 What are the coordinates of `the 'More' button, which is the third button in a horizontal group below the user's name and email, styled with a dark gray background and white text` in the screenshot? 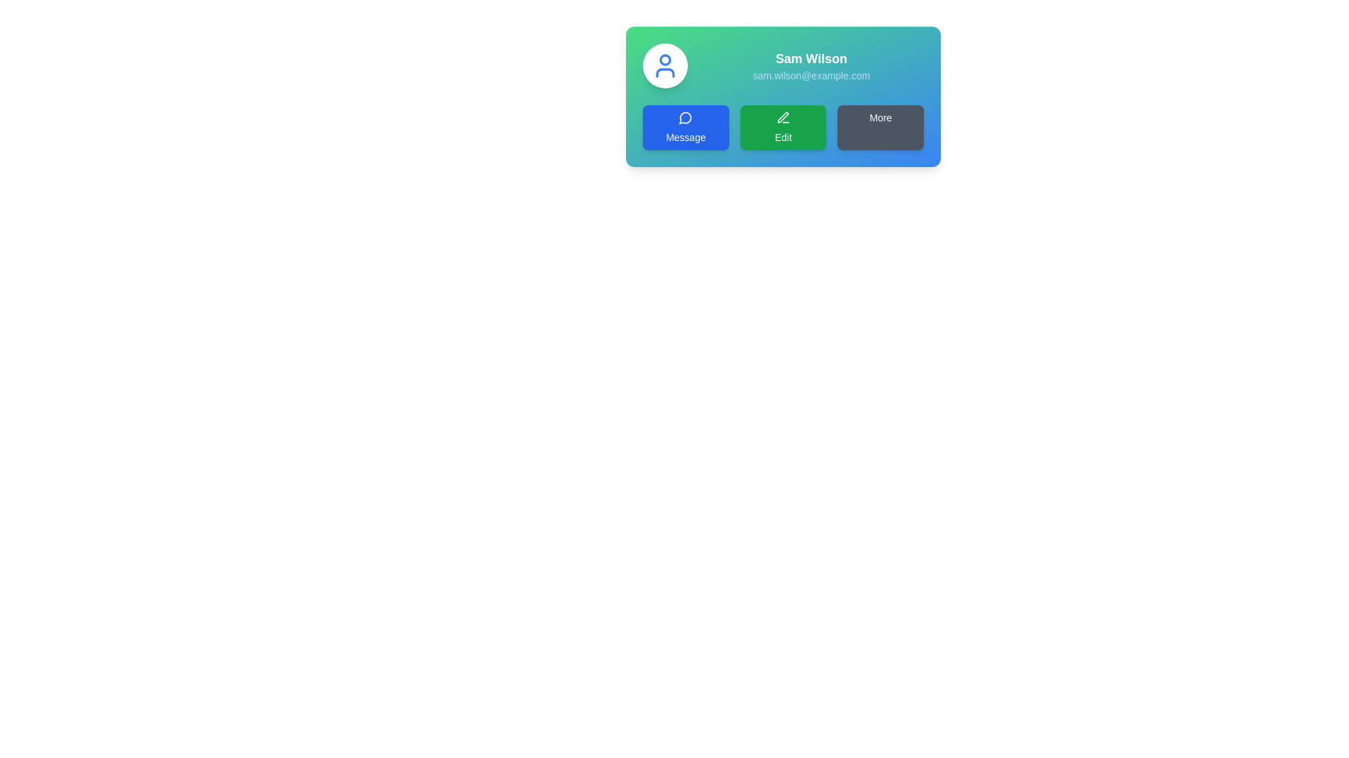 It's located at (880, 127).